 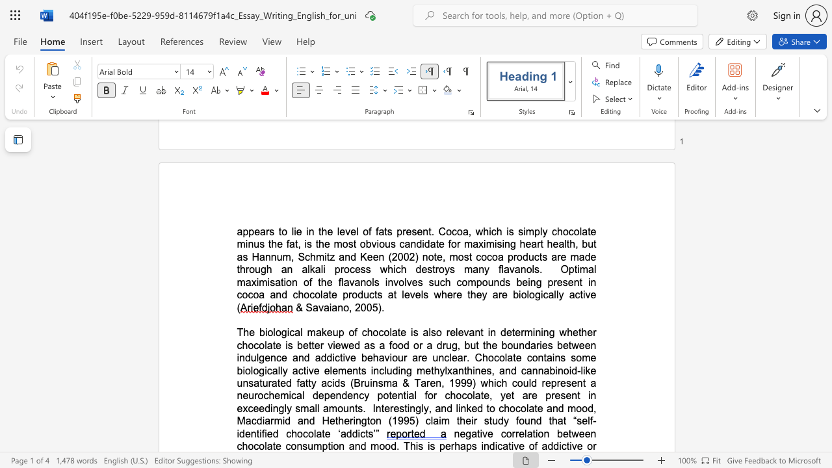 What do you see at coordinates (488, 445) in the screenshot?
I see `the subset text "dicat" within the text "perhaps indicative"` at bounding box center [488, 445].